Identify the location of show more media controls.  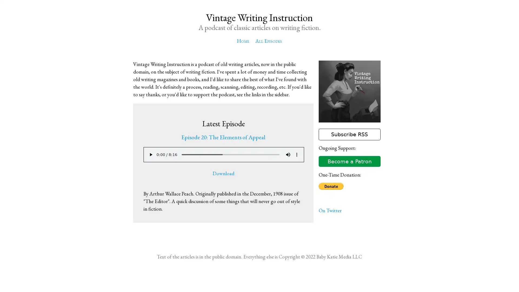
(296, 154).